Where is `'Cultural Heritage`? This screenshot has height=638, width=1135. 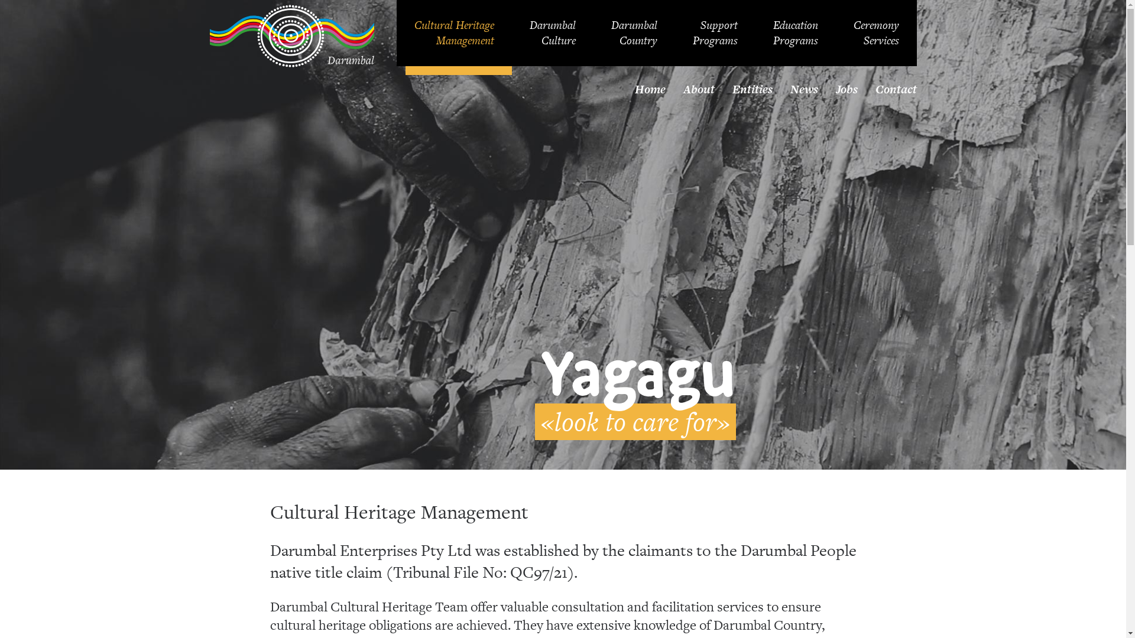 'Cultural Heritage is located at coordinates (453, 32).